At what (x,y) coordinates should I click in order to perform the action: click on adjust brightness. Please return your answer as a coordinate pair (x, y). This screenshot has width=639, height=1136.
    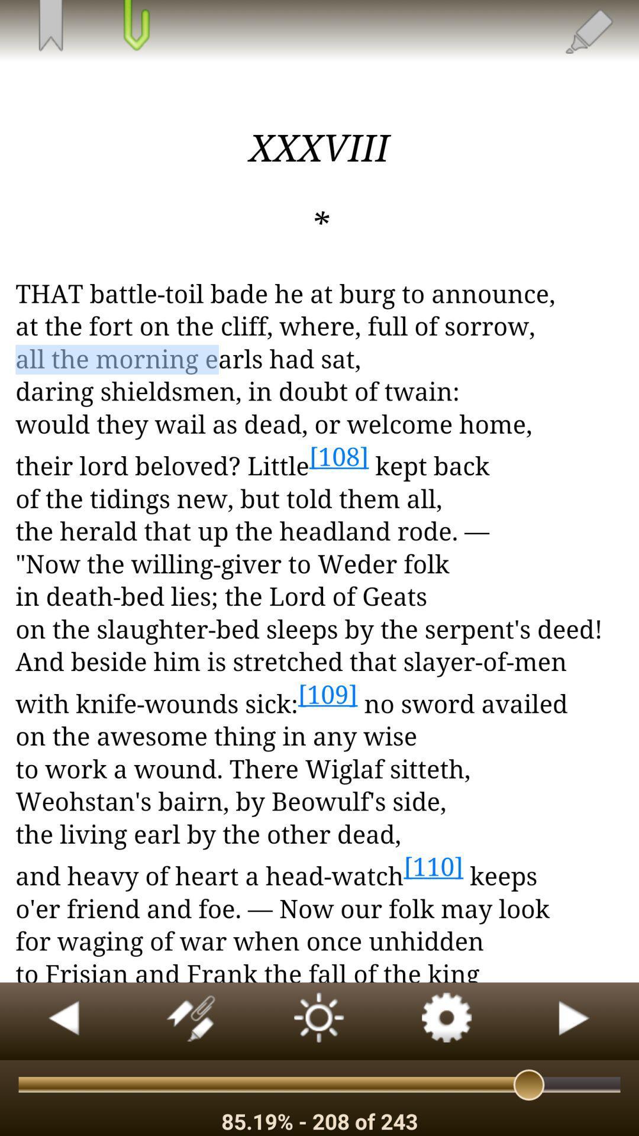
    Looking at the image, I should click on (319, 1021).